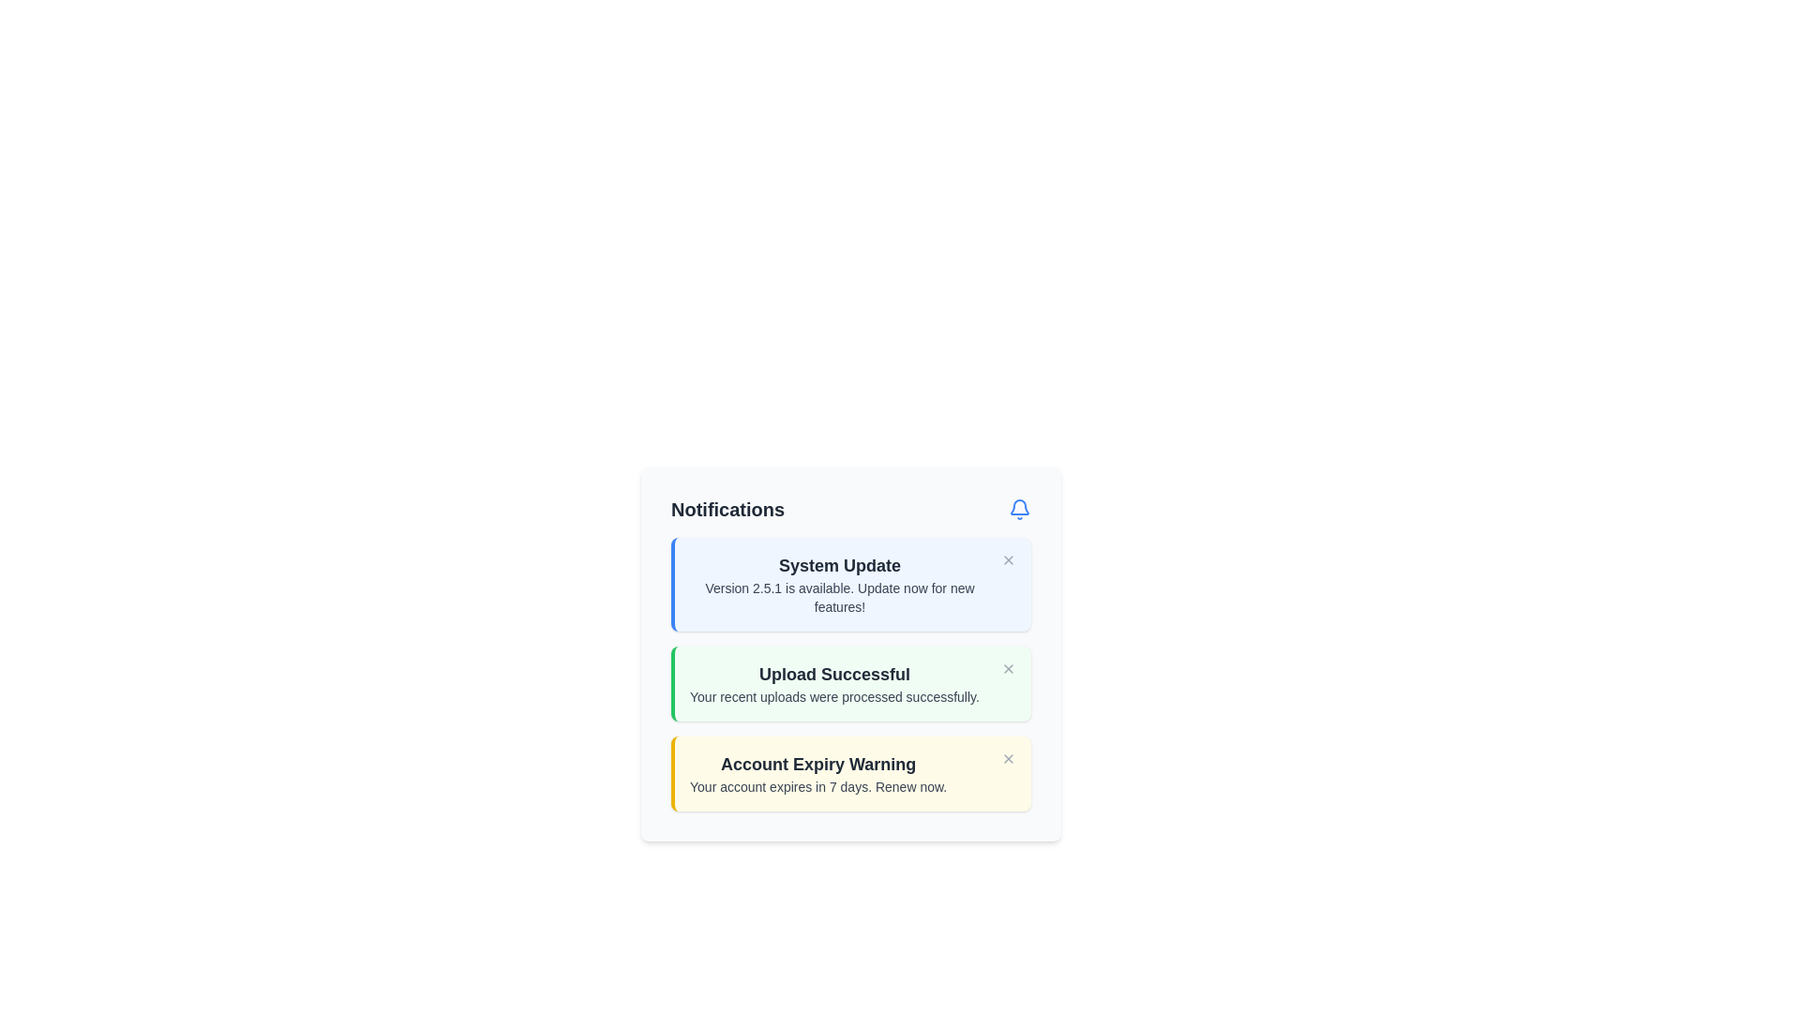 The height and width of the screenshot is (1012, 1800). Describe the element at coordinates (818, 773) in the screenshot. I see `the 'Account Expiry Warning' notification element, which contains the warning message about account expiration` at that location.